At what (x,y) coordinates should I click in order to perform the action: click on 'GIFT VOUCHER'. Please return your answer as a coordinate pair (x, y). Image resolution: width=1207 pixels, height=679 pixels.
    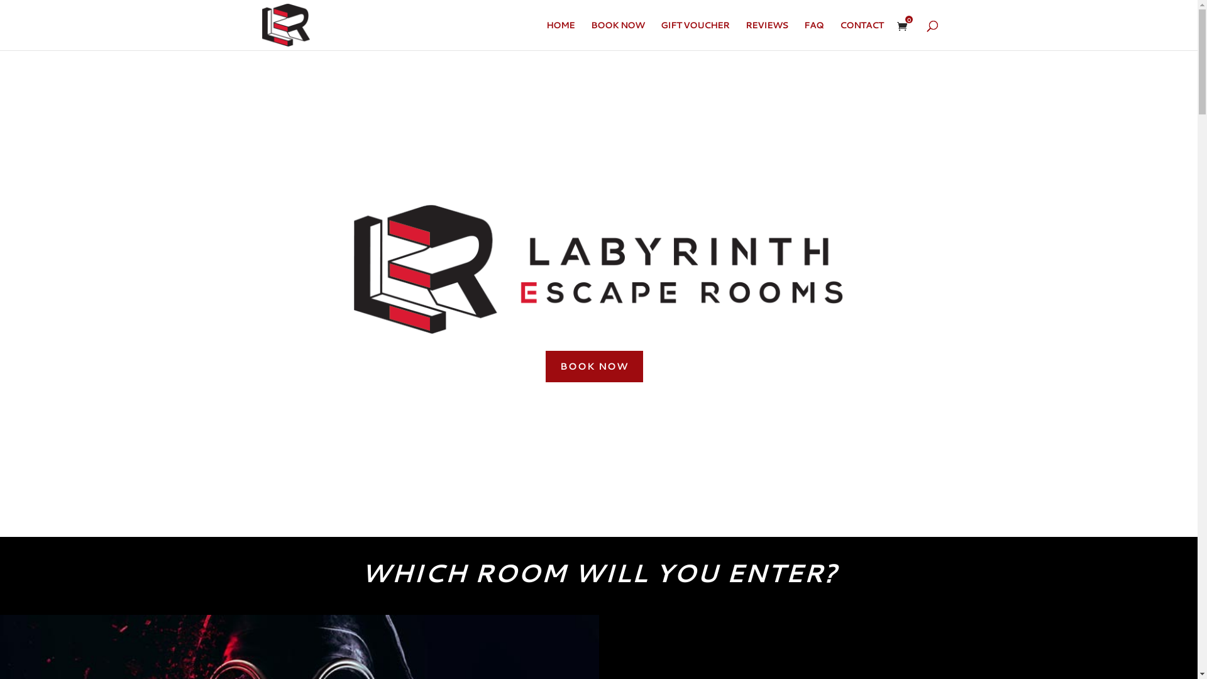
    Looking at the image, I should click on (693, 35).